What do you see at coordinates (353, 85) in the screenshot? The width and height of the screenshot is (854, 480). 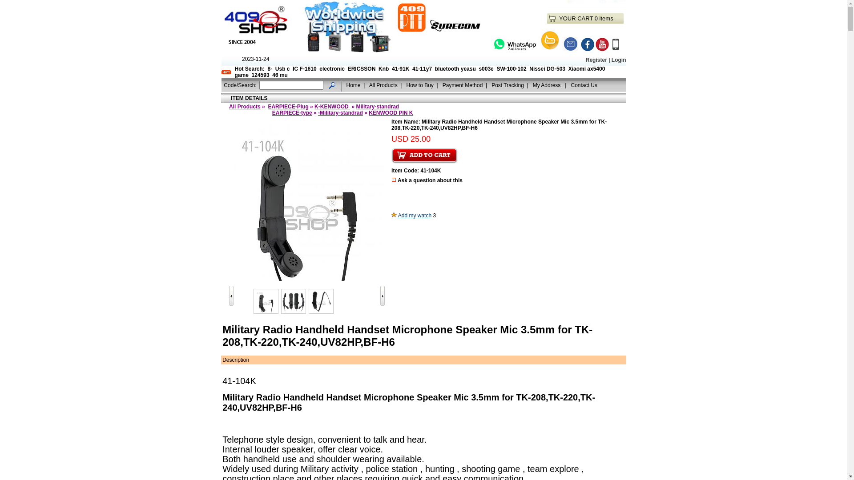 I see `'Home'` at bounding box center [353, 85].